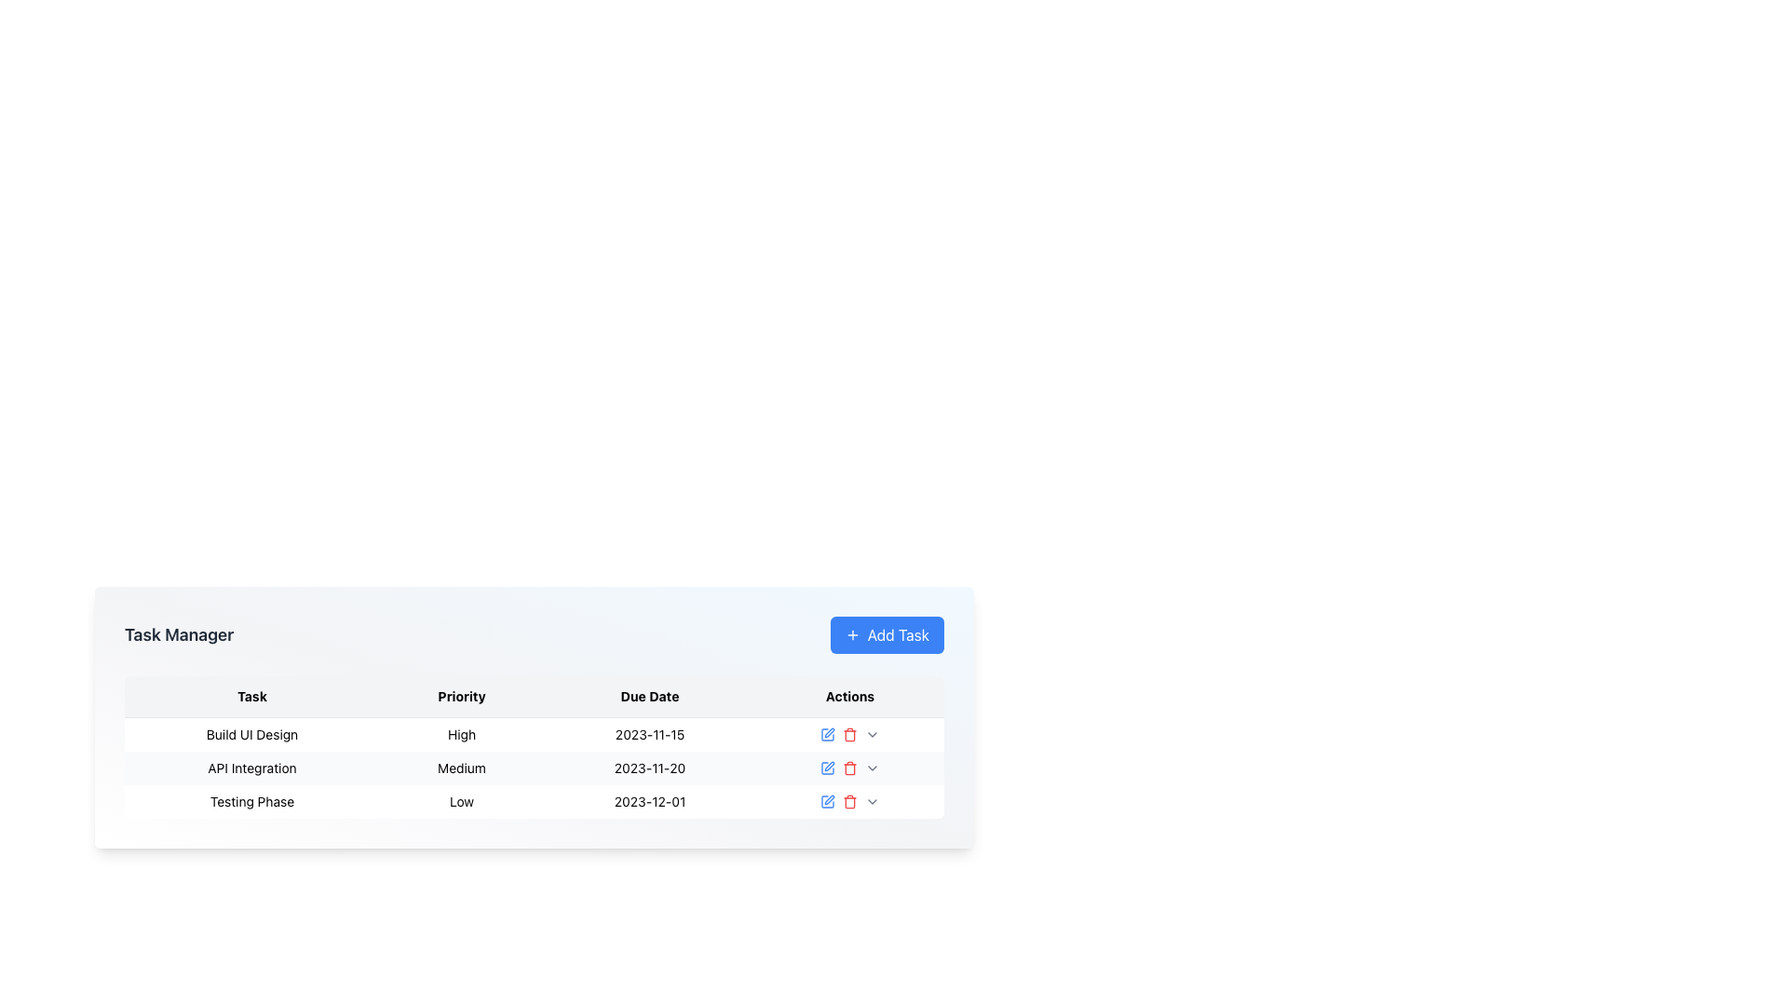 This screenshot has height=1006, width=1788. What do you see at coordinates (829, 731) in the screenshot?
I see `the edit icon, which resembles a pen or pencil, located in the 'Actions' column next to the 'Build UI Design' row` at bounding box center [829, 731].